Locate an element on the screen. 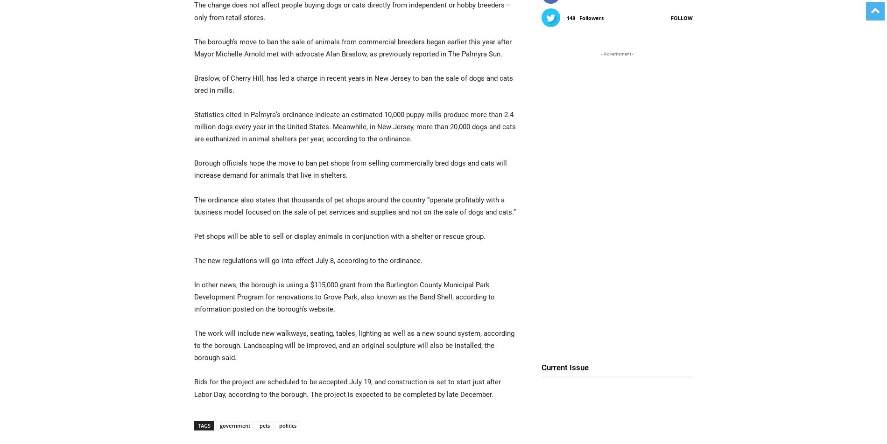 The width and height of the screenshot is (887, 444). 'Bids for the project are scheduled to be accepted July 19, and construction is set to start just after Labor Day, according to the borough. The project is expected to be completed by late December.' is located at coordinates (347, 388).